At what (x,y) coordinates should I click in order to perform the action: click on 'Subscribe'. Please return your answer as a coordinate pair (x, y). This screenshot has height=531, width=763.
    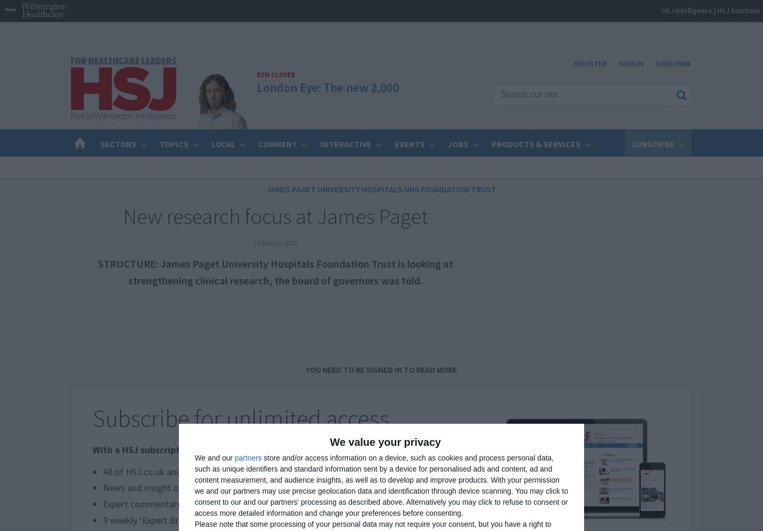
    Looking at the image, I should click on (631, 144).